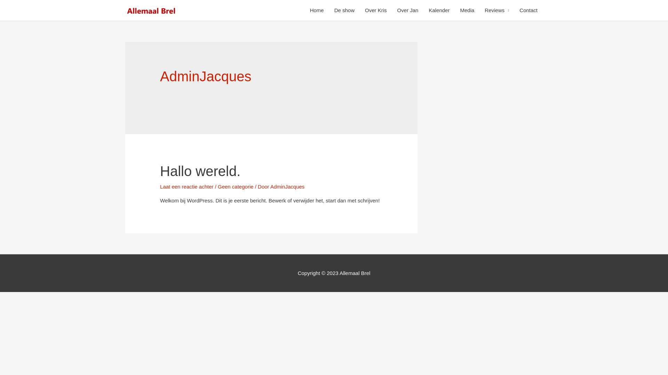 The width and height of the screenshot is (668, 375). I want to click on 'Over Kris', so click(375, 10).